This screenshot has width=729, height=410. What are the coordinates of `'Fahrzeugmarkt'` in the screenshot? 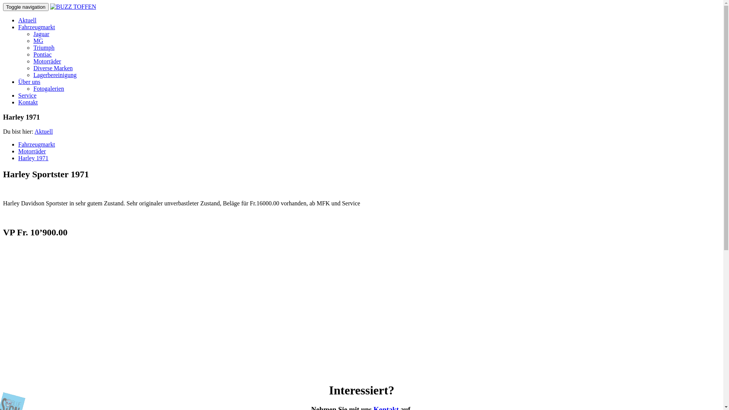 It's located at (36, 144).